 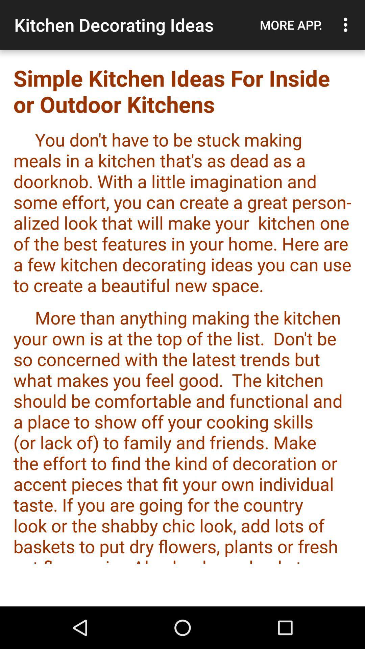 What do you see at coordinates (347, 25) in the screenshot?
I see `icon next to the more app.` at bounding box center [347, 25].